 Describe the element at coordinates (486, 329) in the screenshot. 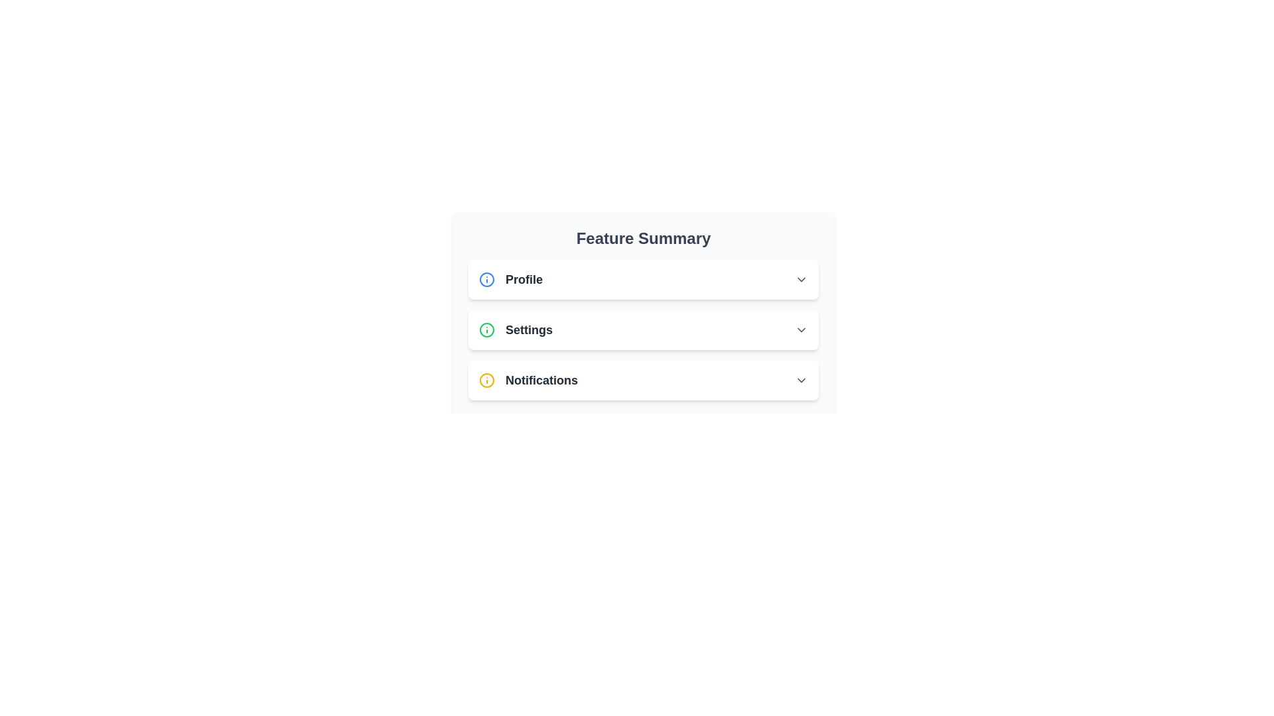

I see `the circular vector graphic element that is part of the 'information' icon, positioned in the second row next to the 'Settings' label` at that location.